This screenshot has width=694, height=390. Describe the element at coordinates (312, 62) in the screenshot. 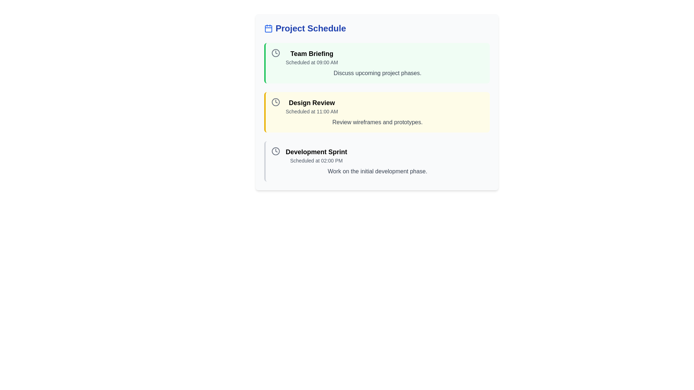

I see `the static text label providing scheduling information for the event titled 'Team Briefing', which is located directly below the text 'Team Briefing' within the 'Project Schedule' card` at that location.